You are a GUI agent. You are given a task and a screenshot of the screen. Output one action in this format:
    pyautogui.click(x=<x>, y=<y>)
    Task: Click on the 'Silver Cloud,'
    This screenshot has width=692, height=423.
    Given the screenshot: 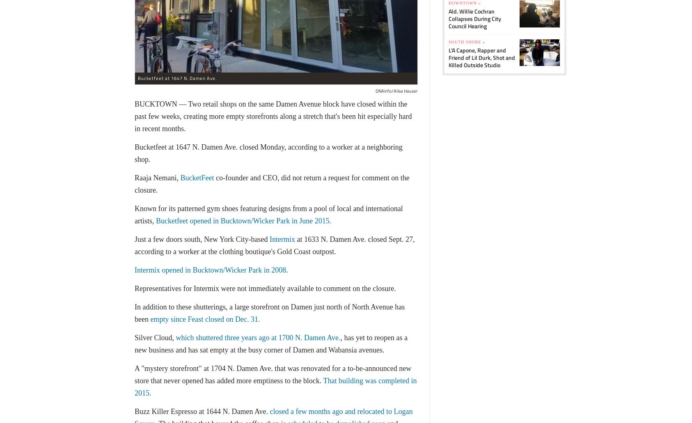 What is the action you would take?
    pyautogui.click(x=155, y=337)
    